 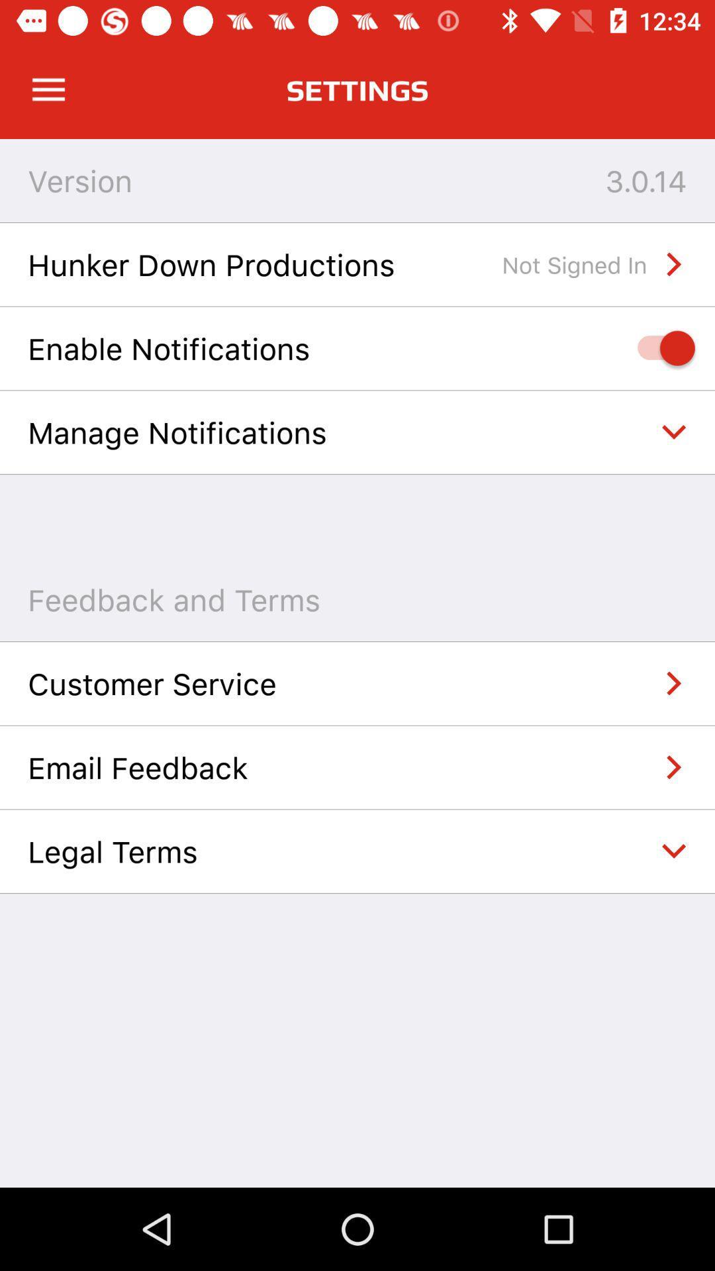 I want to click on open app menu, so click(x=48, y=89).